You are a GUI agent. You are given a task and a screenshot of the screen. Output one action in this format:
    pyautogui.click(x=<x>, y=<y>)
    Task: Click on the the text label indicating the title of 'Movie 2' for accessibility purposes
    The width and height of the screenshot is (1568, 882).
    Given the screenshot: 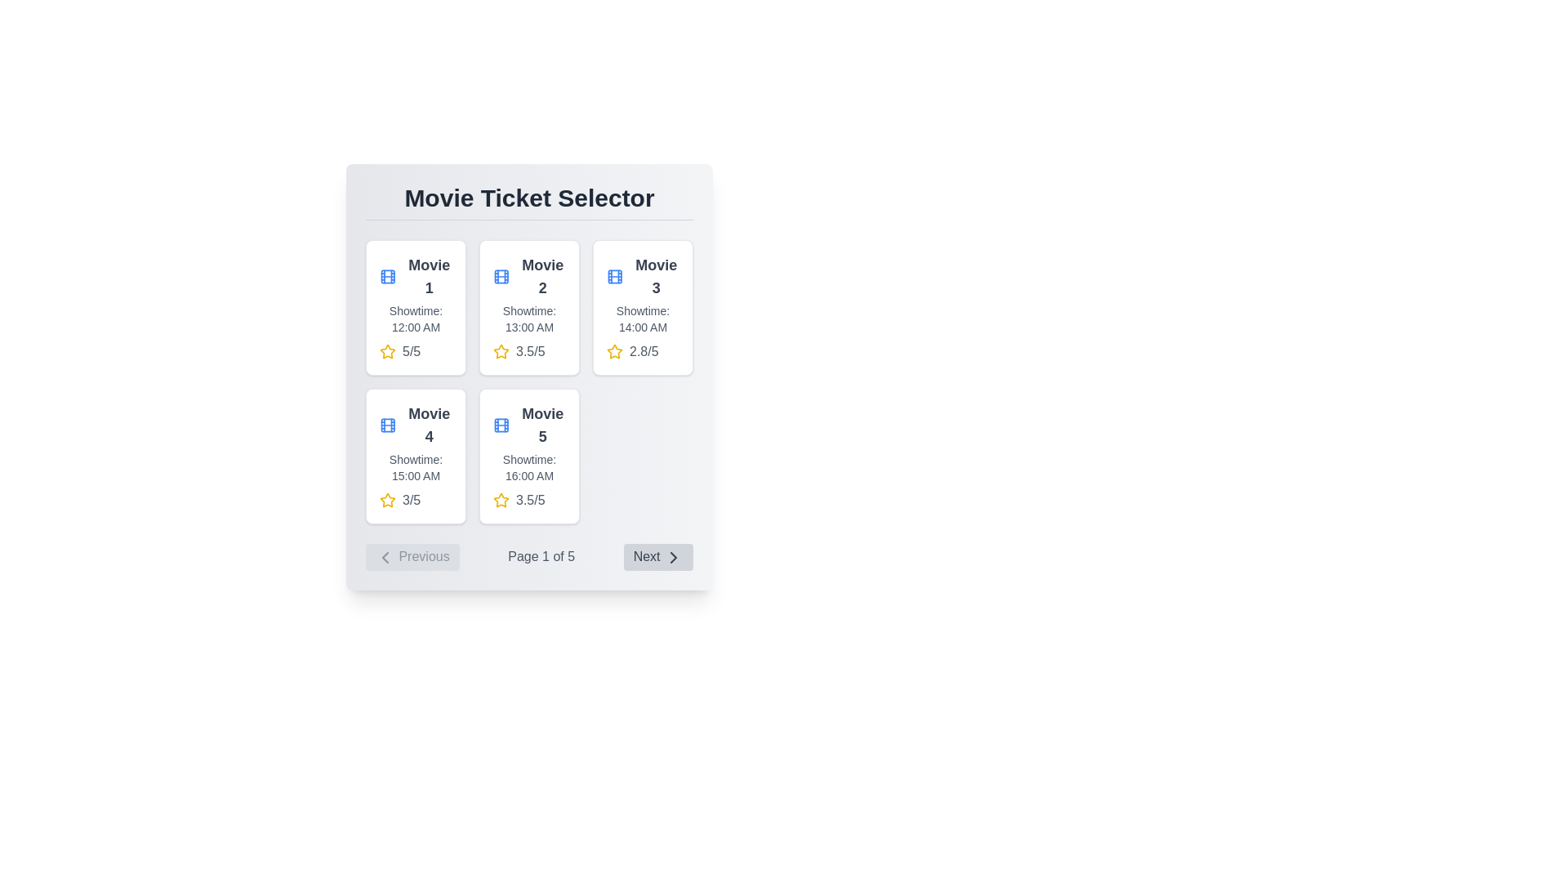 What is the action you would take?
    pyautogui.click(x=529, y=276)
    